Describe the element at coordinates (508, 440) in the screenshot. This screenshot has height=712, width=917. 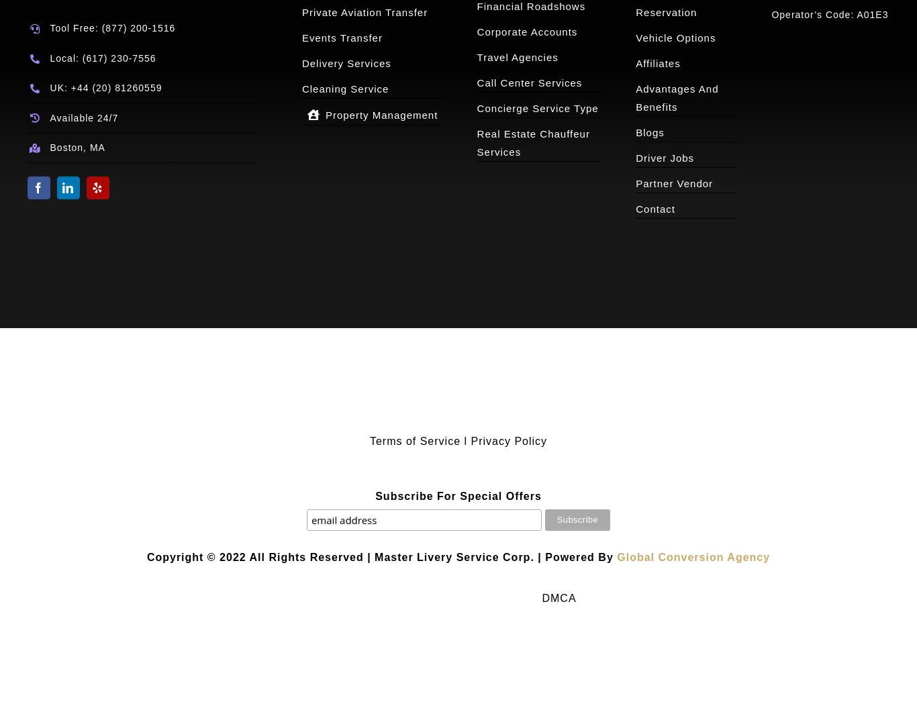
I see `'Privacy Policy'` at that location.